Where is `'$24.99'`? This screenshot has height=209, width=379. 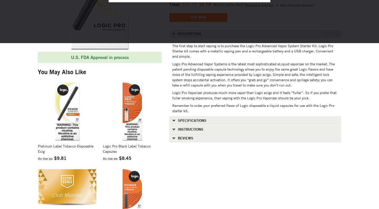 '$24.99' is located at coordinates (189, 4).